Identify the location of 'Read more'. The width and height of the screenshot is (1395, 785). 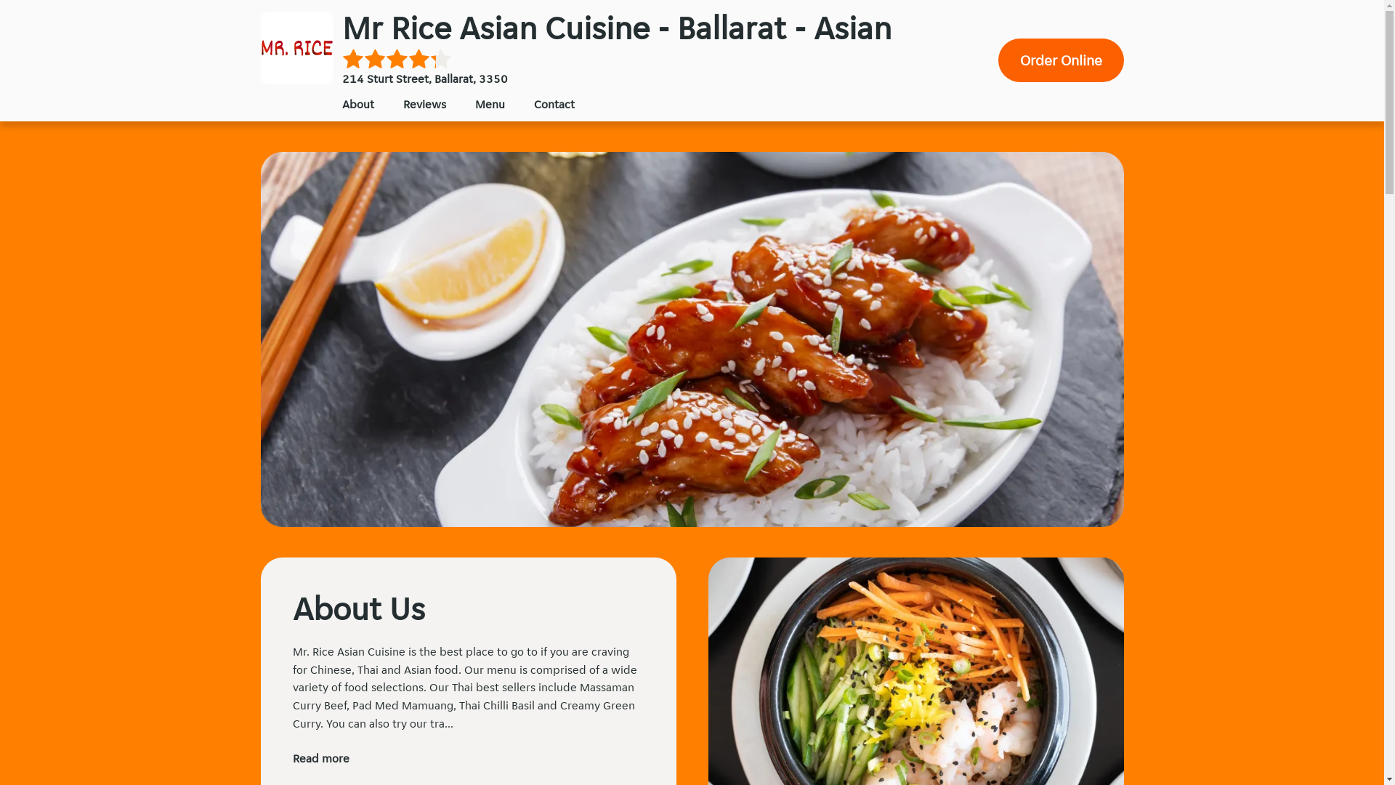
(320, 757).